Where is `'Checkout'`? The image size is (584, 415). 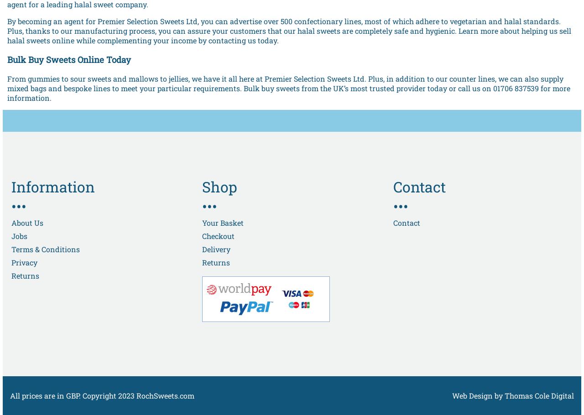
'Checkout' is located at coordinates (218, 235).